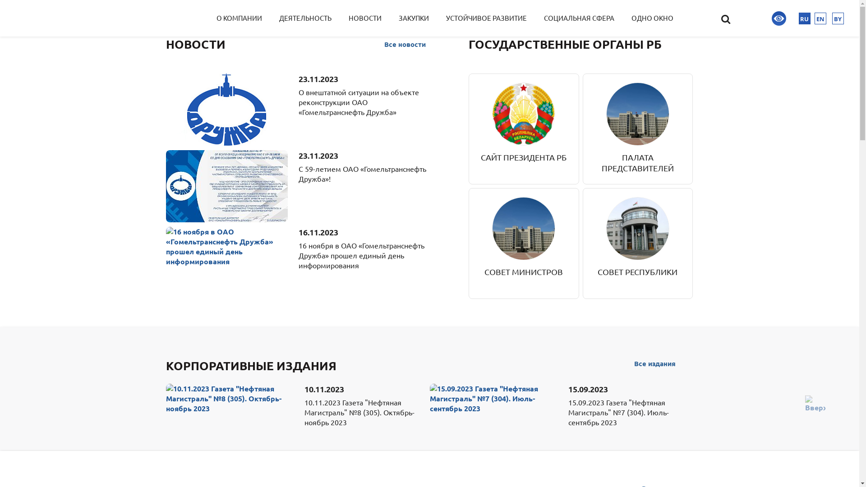  I want to click on 'RU', so click(805, 18).